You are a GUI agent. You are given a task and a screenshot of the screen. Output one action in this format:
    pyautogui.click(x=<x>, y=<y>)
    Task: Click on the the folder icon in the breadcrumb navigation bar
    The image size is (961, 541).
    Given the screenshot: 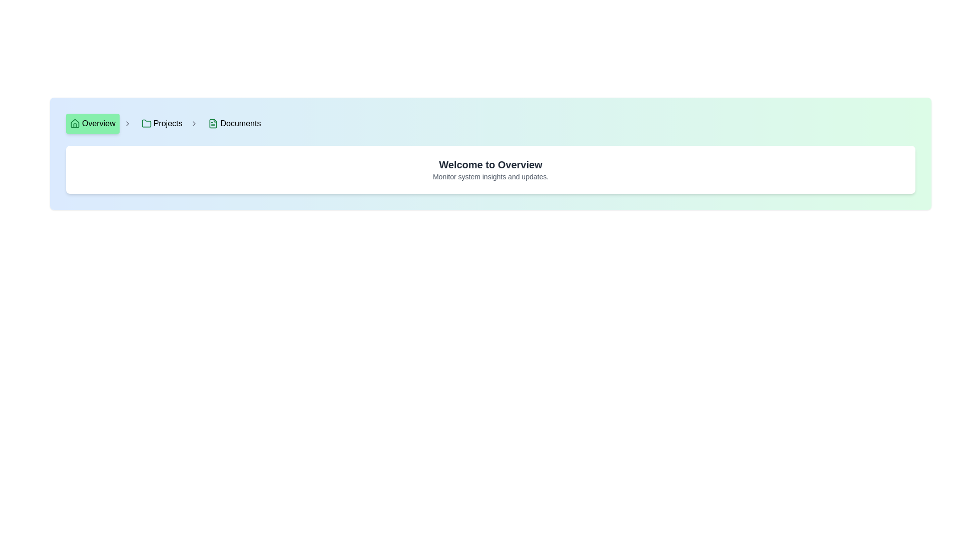 What is the action you would take?
    pyautogui.click(x=146, y=123)
    